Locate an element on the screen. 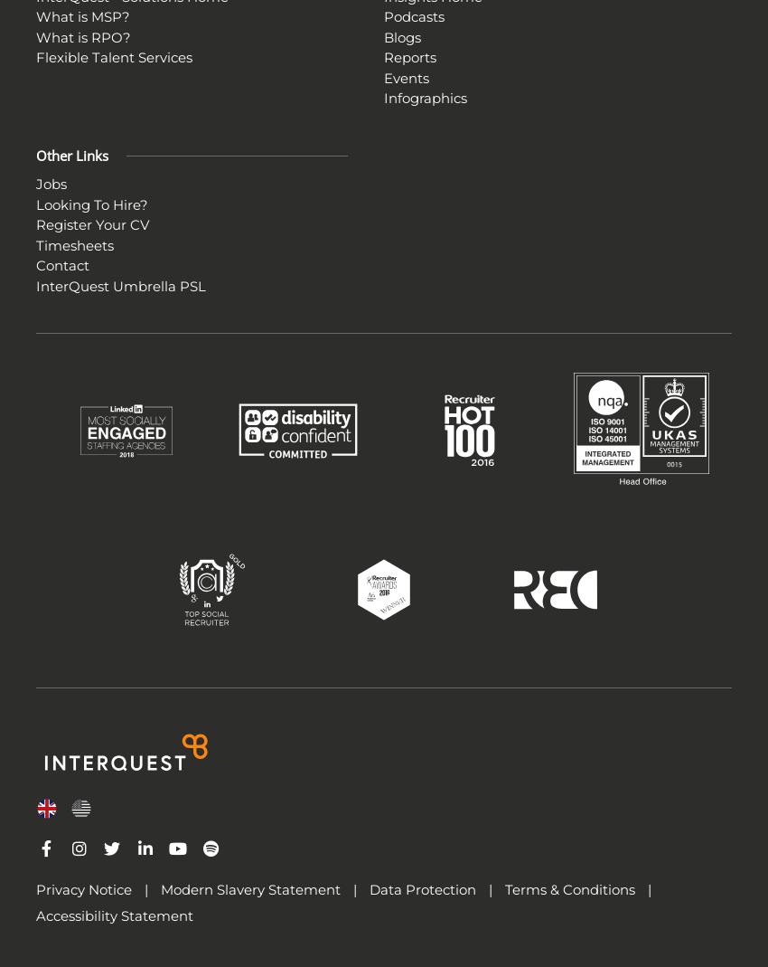 This screenshot has height=967, width=768. 'Jobs' is located at coordinates (52, 184).